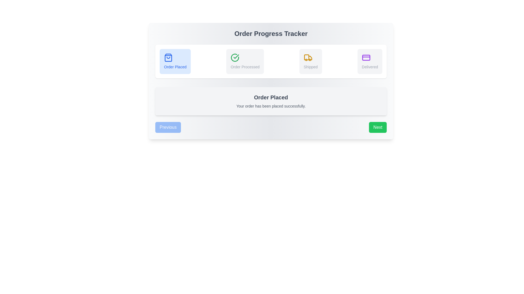  I want to click on the Status Indicator Button that indicates 'Order Processed', located as the second button in a sequence of four, positioned near the top-center of the interface, so click(245, 61).